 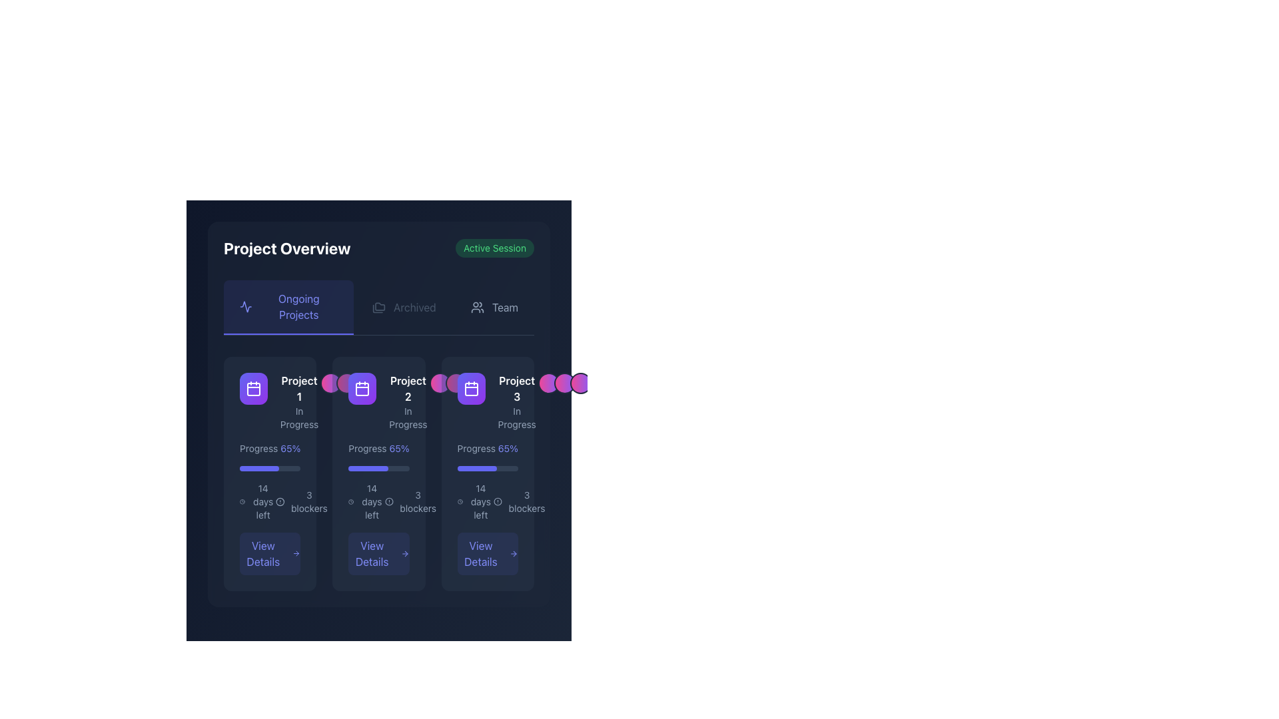 What do you see at coordinates (288, 308) in the screenshot?
I see `the first tab in the 'Project Overview' section` at bounding box center [288, 308].